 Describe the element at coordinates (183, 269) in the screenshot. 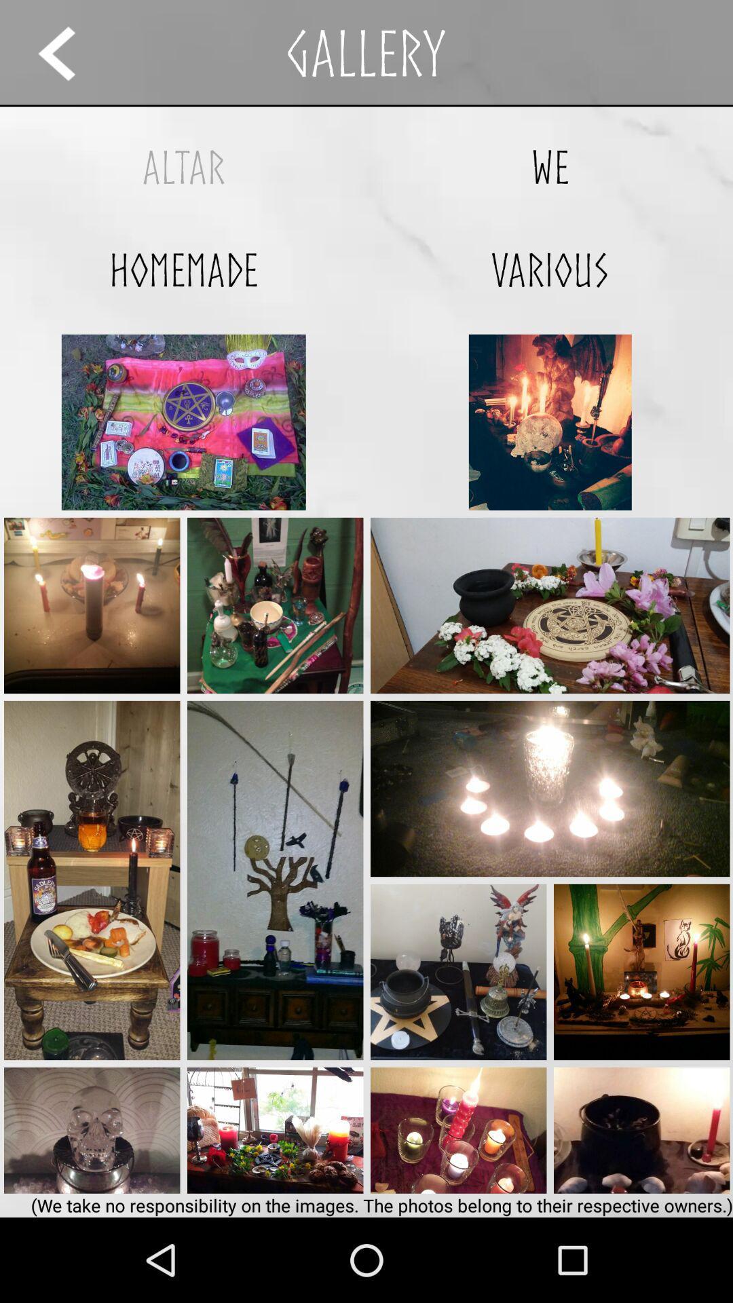

I see `the app below the altar app` at that location.